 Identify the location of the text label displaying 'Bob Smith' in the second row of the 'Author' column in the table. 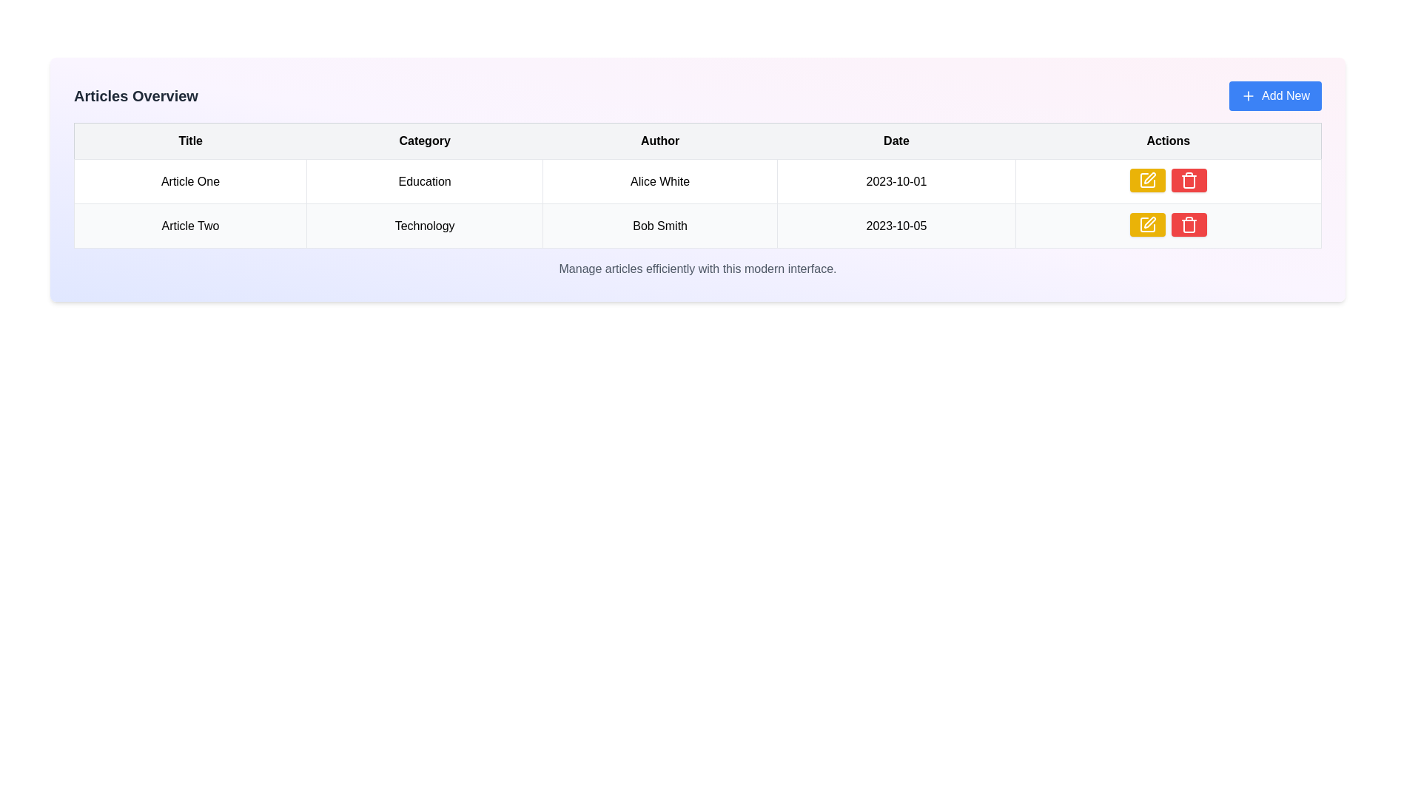
(659, 226).